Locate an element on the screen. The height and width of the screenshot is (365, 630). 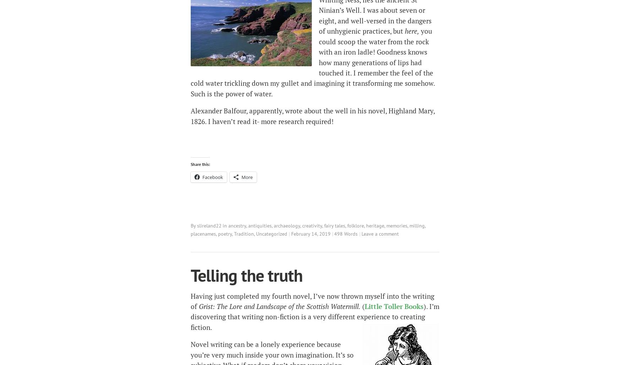
'placenames' is located at coordinates (203, 233).